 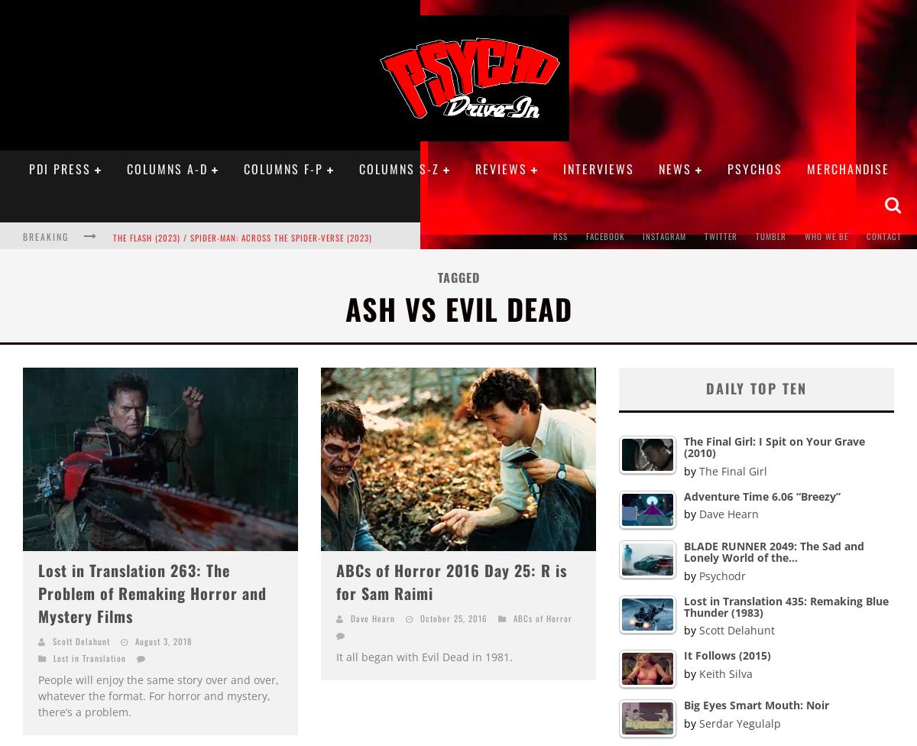 I want to click on 'The Fall of the House of Usher (2023)', so click(x=112, y=267).